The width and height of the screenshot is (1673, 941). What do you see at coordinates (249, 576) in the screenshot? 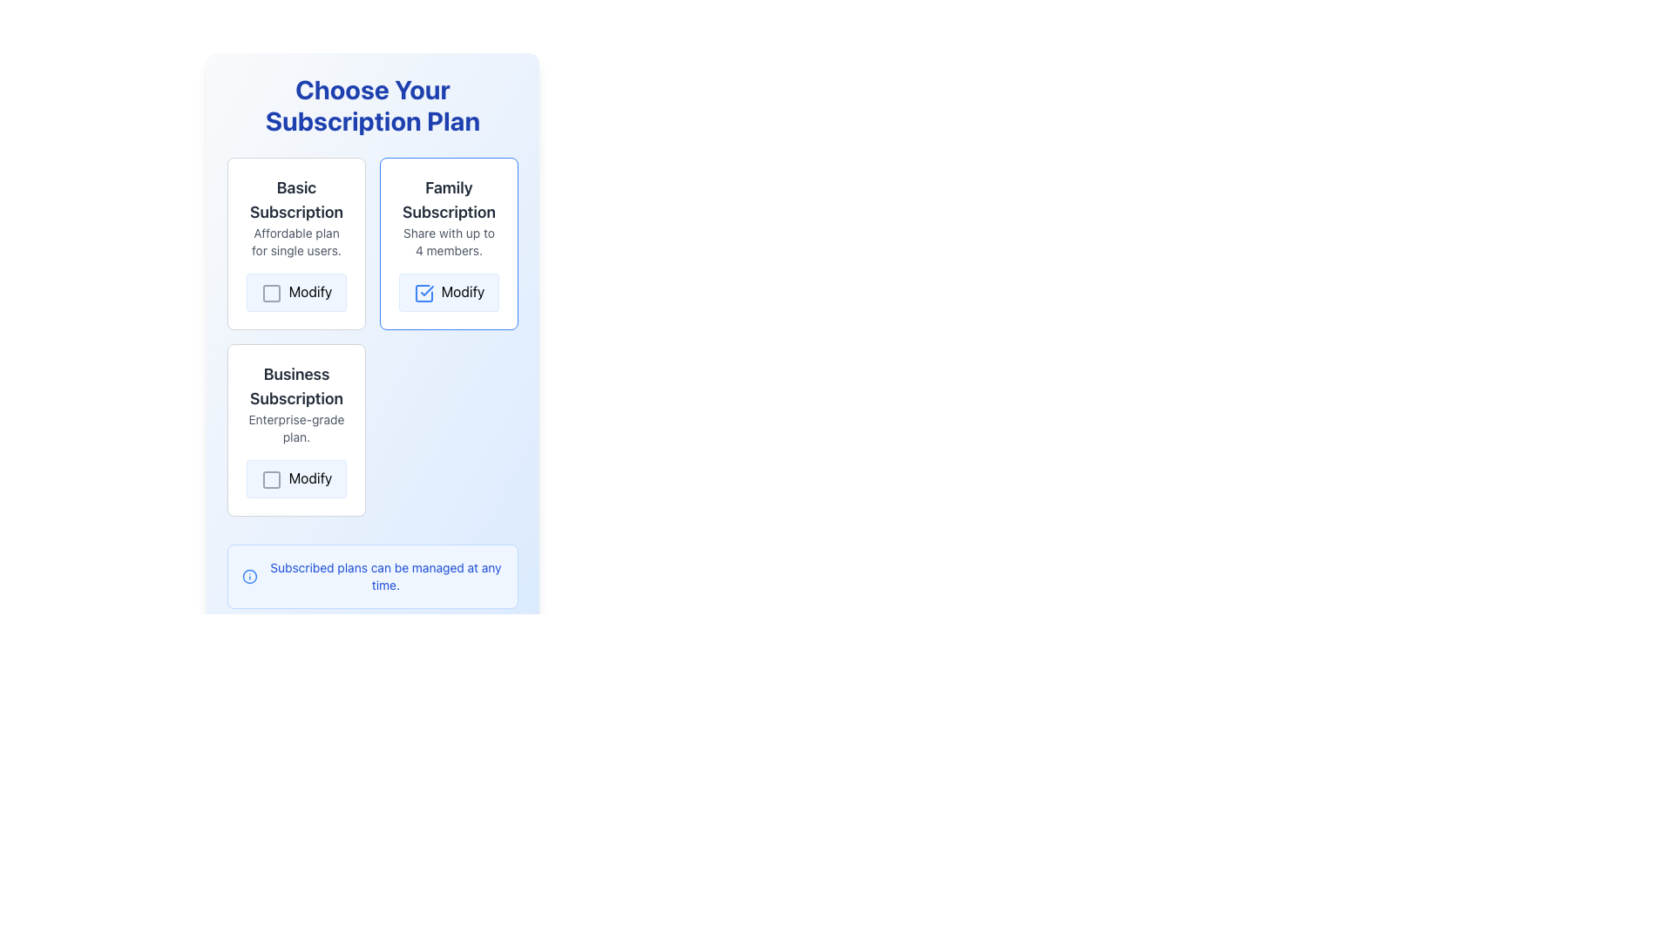
I see `the circular graphic element located in the bottom section of the interface, to the left of the text label 'Subscribed plans can be managed at any time.'` at bounding box center [249, 576].